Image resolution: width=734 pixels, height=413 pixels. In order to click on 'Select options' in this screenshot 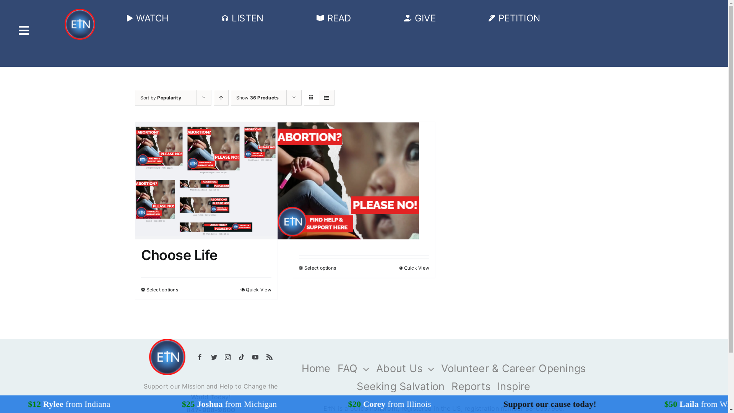, I will do `click(141, 290)`.